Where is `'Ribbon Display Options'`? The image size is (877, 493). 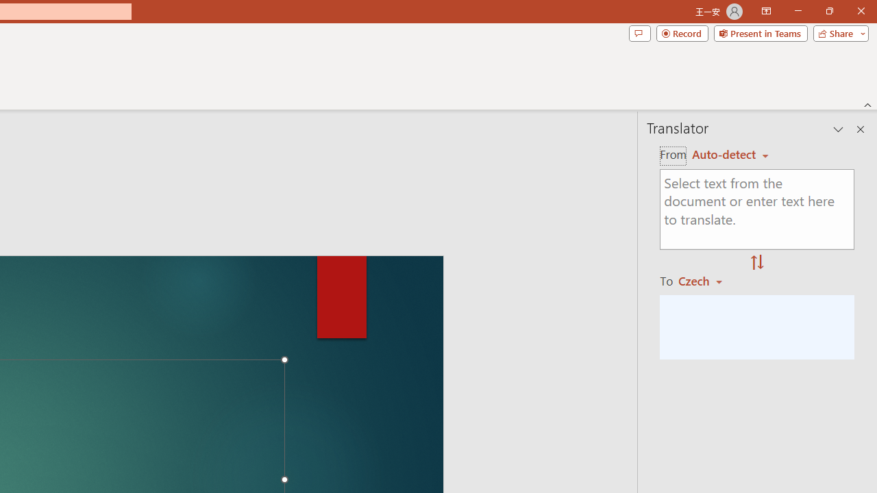 'Ribbon Display Options' is located at coordinates (765, 11).